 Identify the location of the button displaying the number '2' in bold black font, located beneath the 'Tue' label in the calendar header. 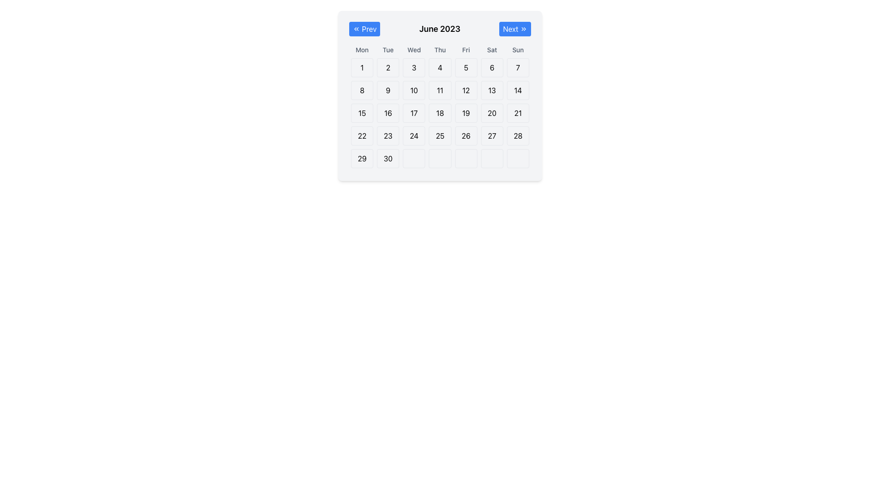
(388, 67).